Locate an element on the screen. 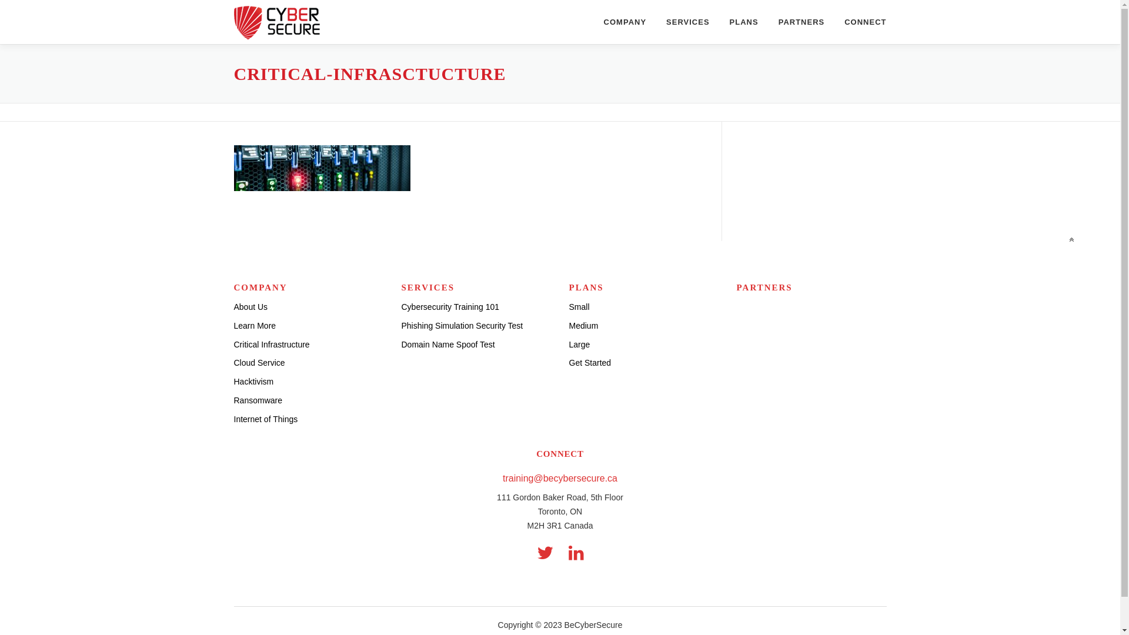 This screenshot has height=635, width=1129. 'Cloud Service' is located at coordinates (259, 362).